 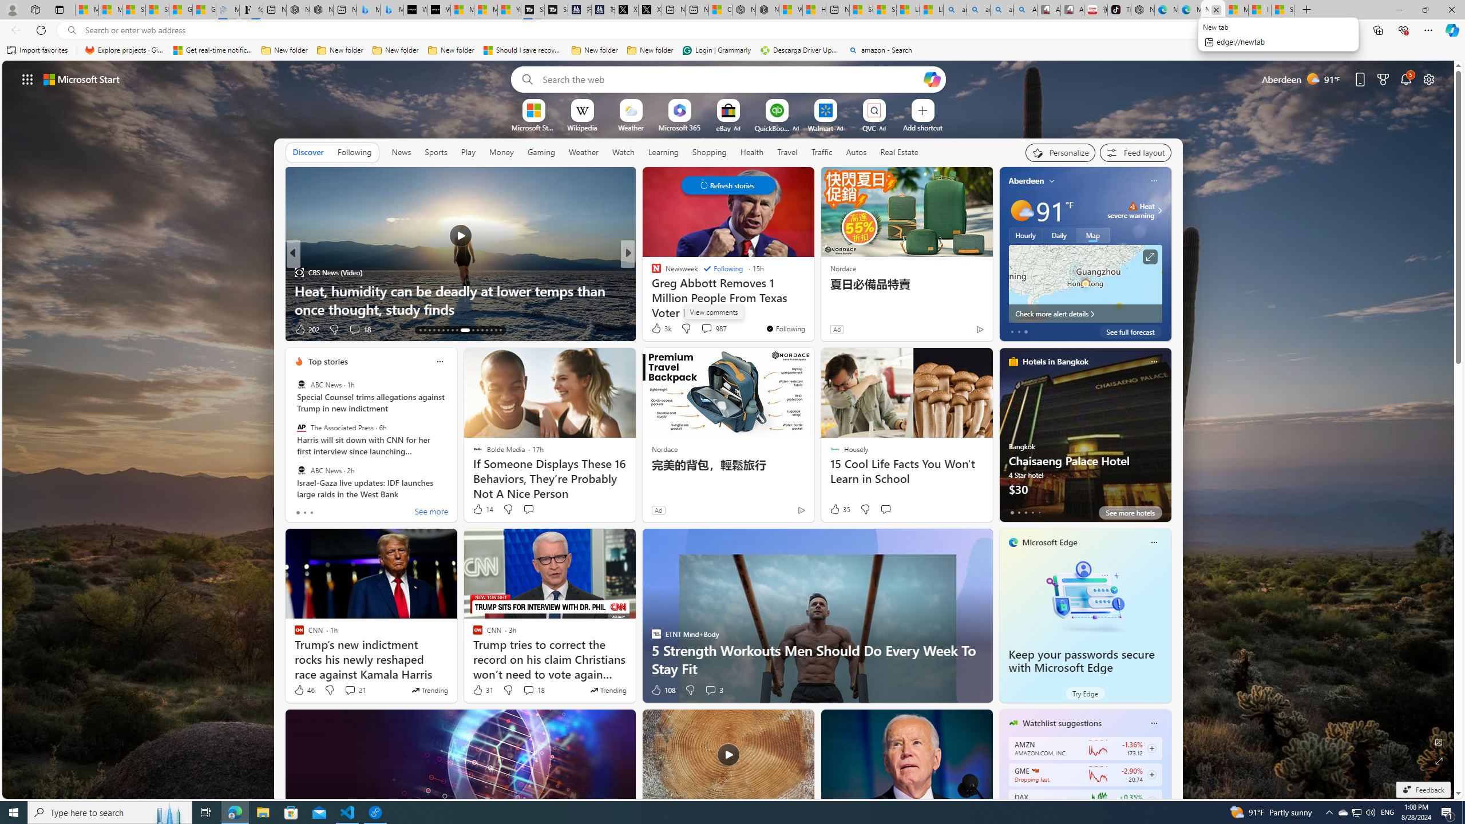 What do you see at coordinates (81, 78) in the screenshot?
I see `'Microsoft start'` at bounding box center [81, 78].